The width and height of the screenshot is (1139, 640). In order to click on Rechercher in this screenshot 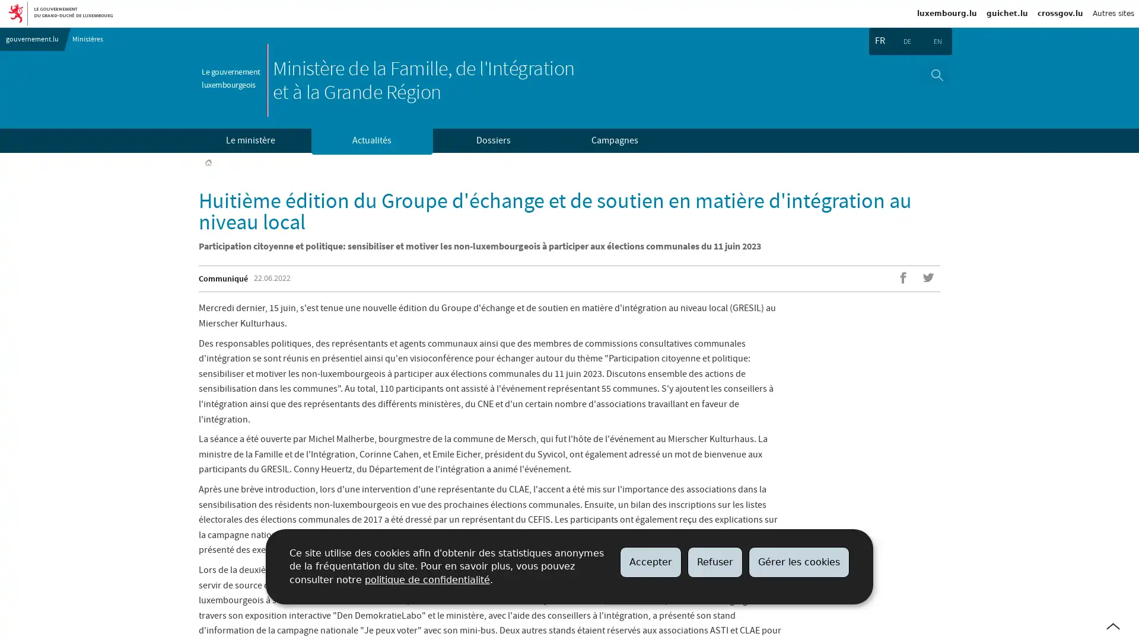, I will do `click(936, 75)`.